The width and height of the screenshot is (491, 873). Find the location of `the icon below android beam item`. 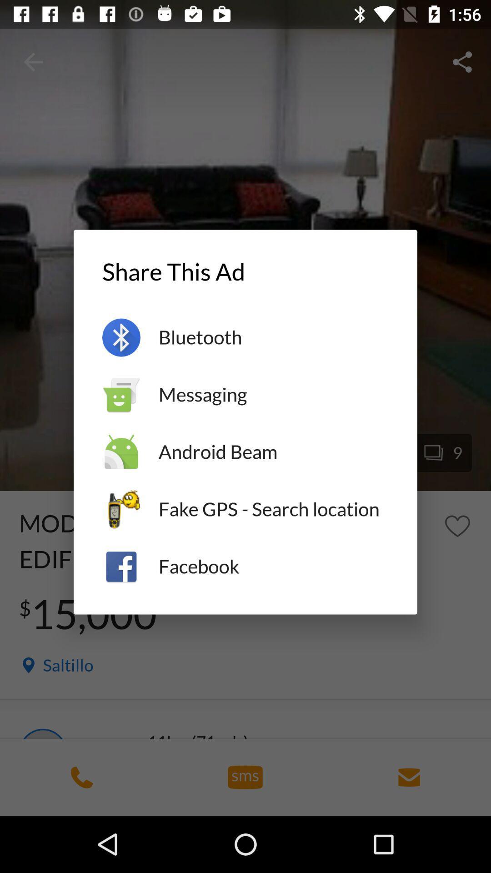

the icon below android beam item is located at coordinates (273, 509).